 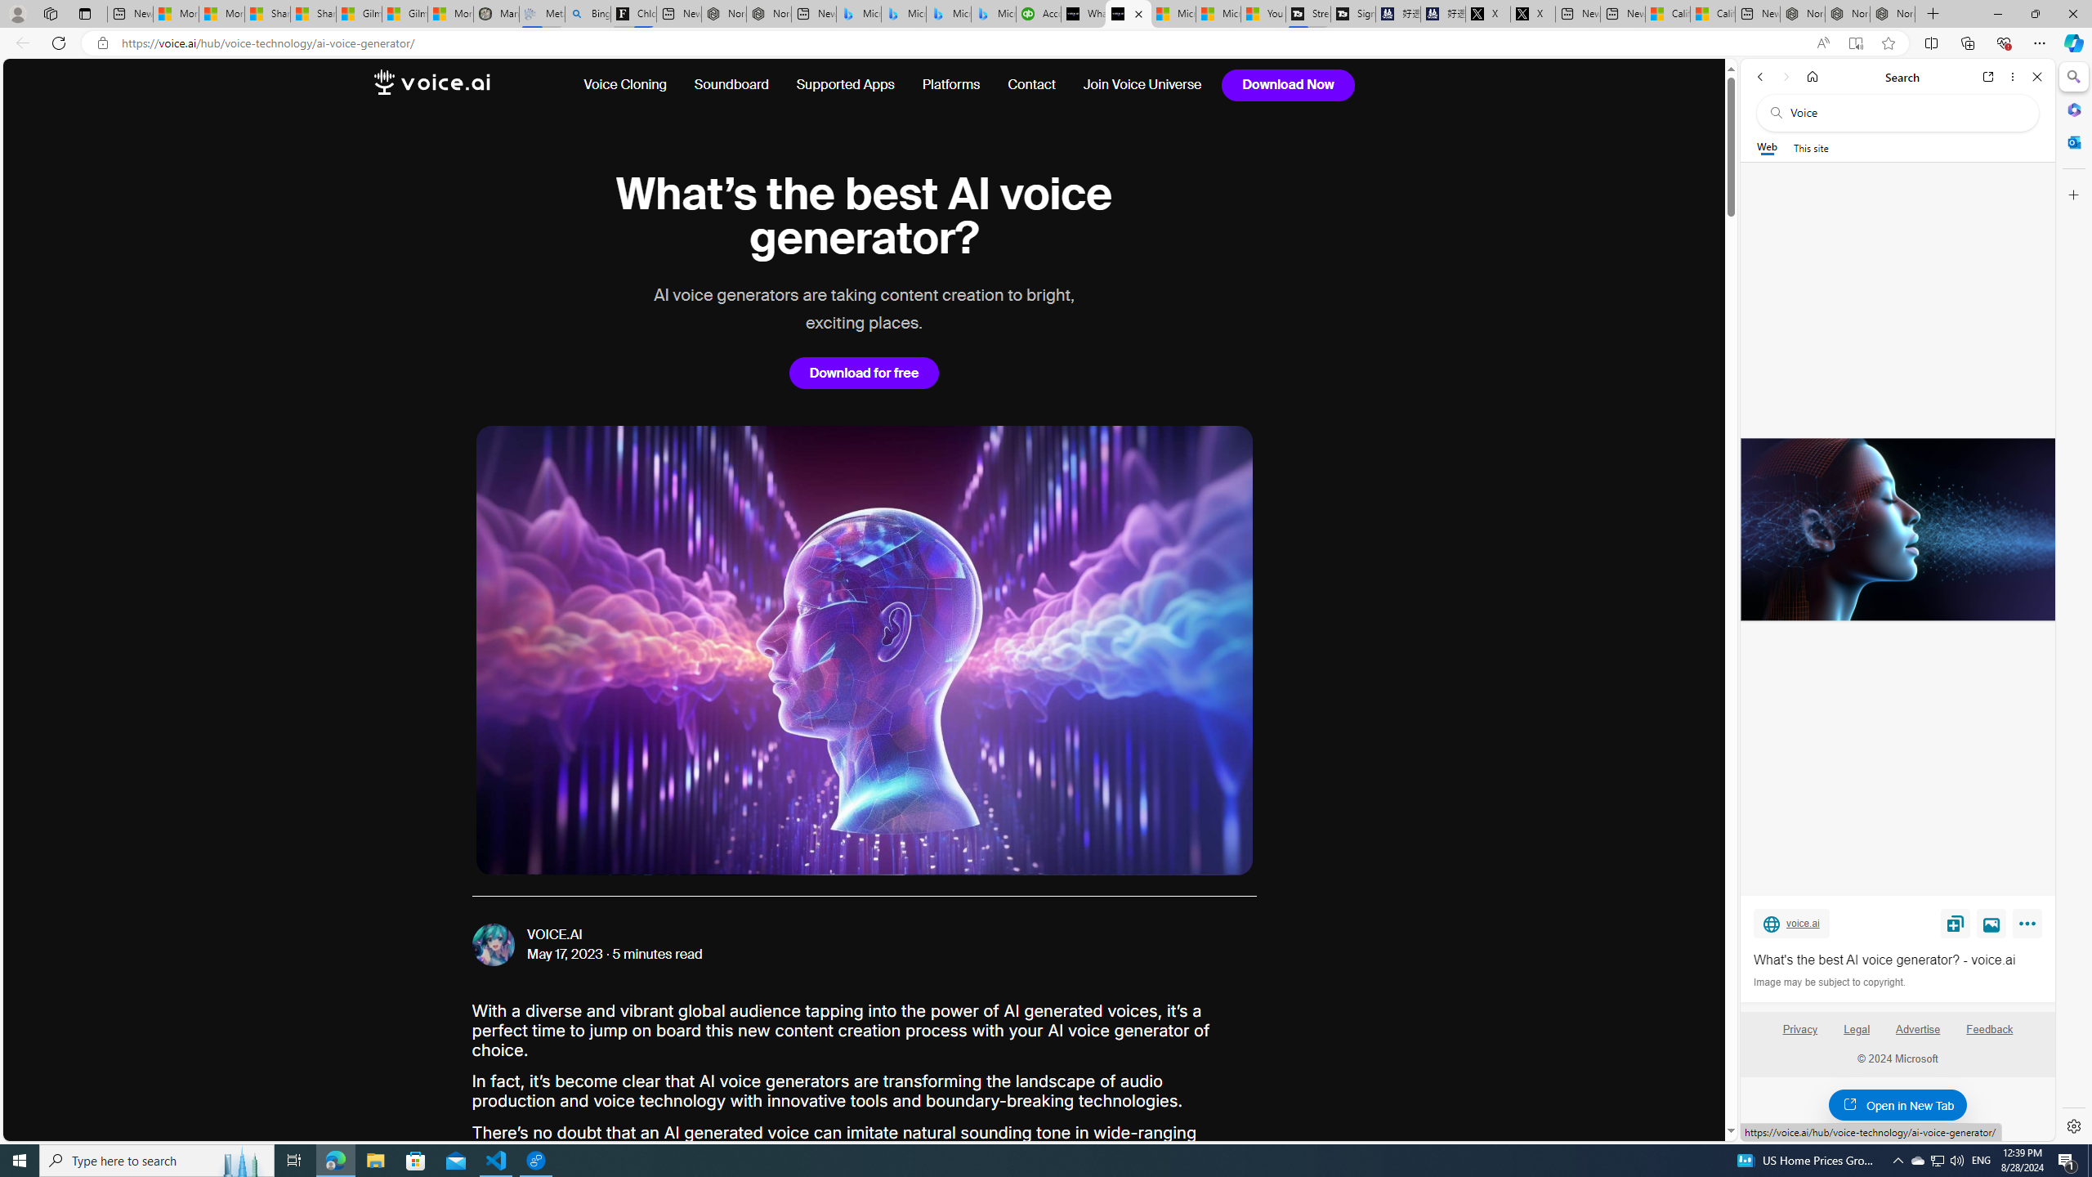 What do you see at coordinates (1767, 147) in the screenshot?
I see `'Web scope'` at bounding box center [1767, 147].